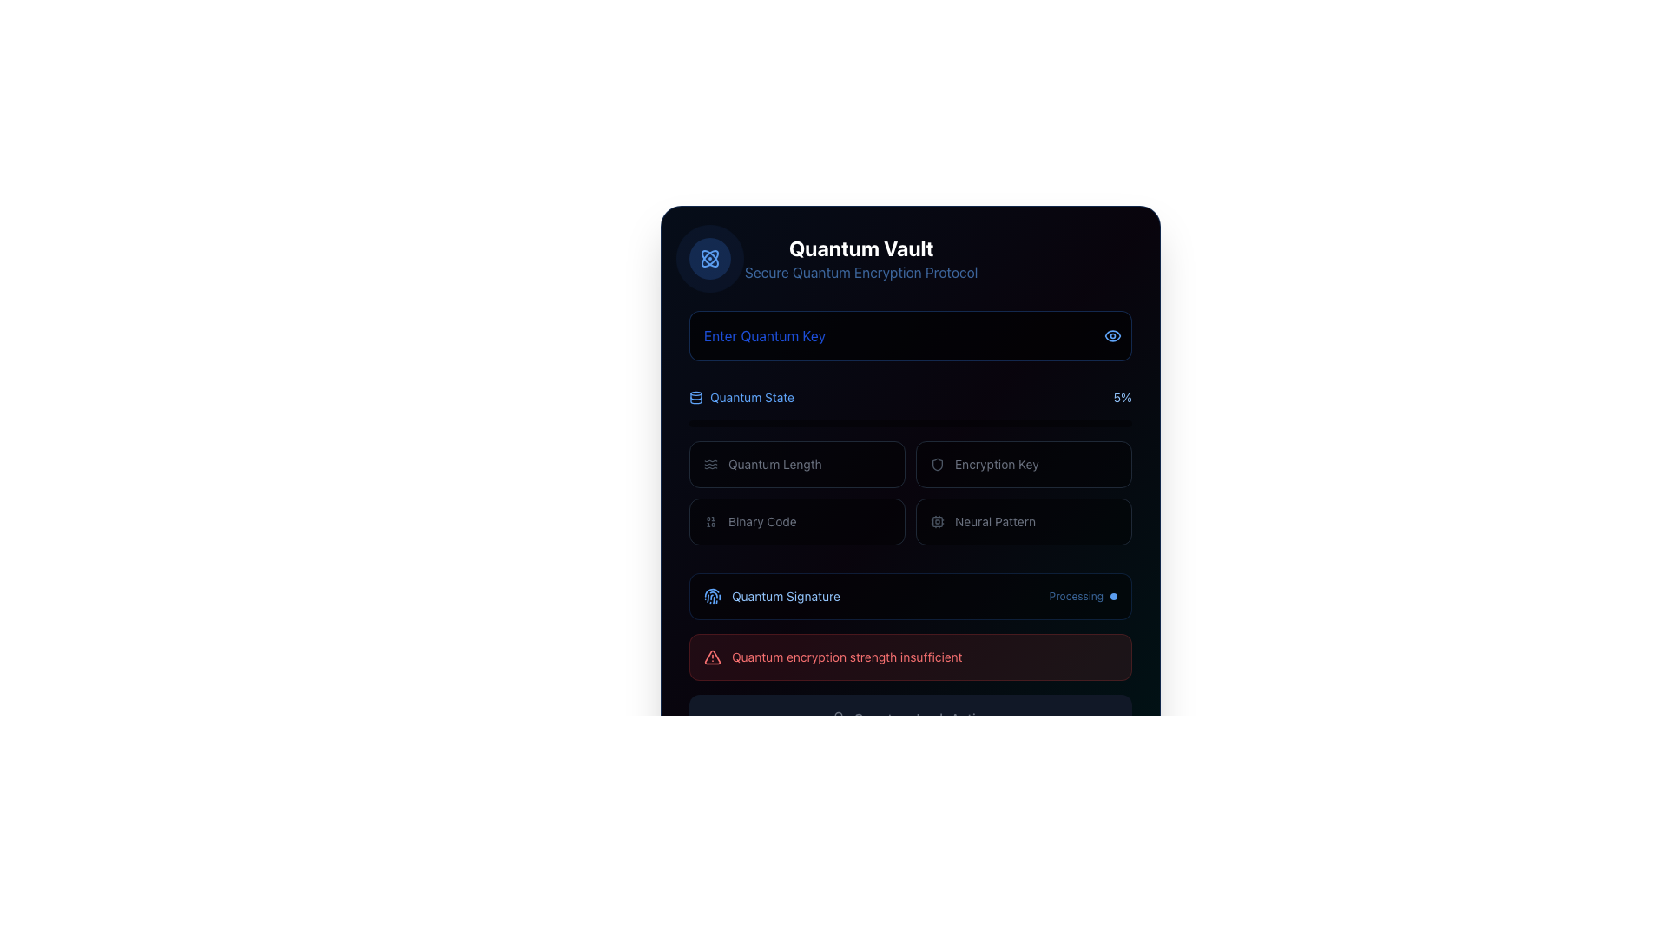 The image size is (1667, 938). I want to click on the Quantum State slider, so click(893, 424).